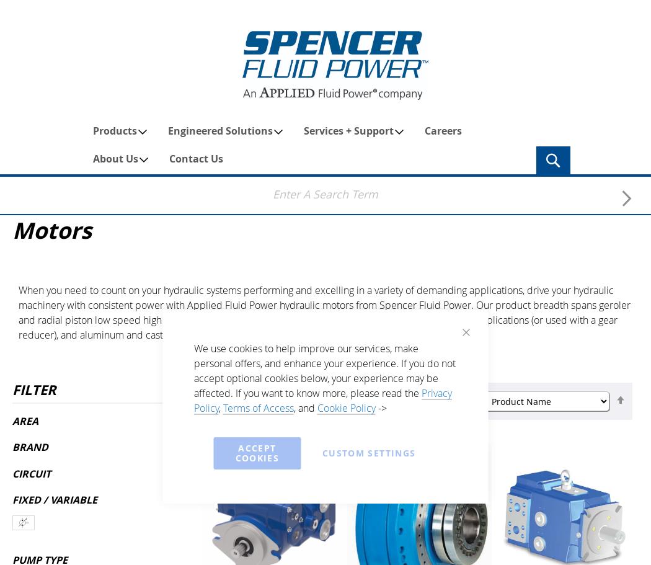 The height and width of the screenshot is (565, 651). Describe the element at coordinates (24, 419) in the screenshot. I see `'Area'` at that location.